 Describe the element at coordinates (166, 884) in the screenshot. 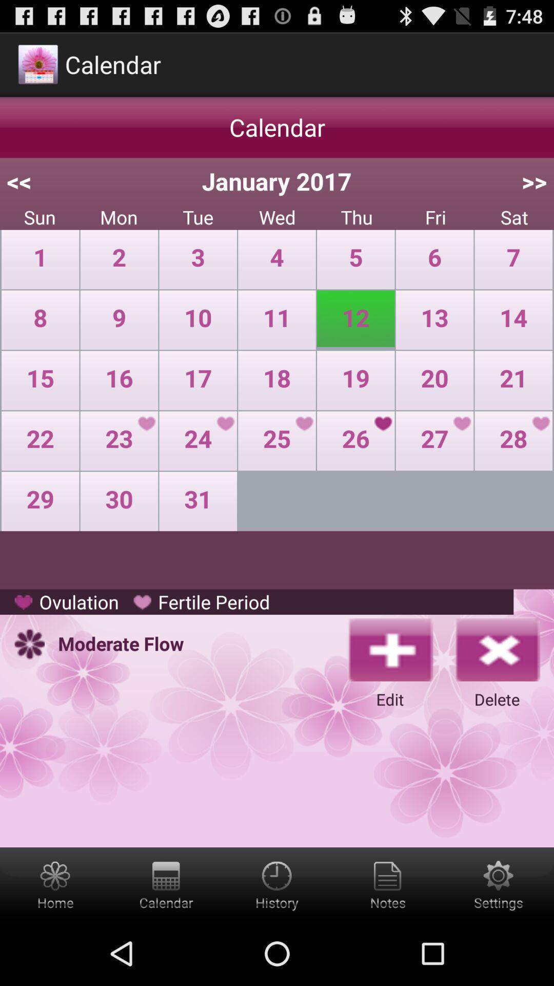

I see `calender` at that location.